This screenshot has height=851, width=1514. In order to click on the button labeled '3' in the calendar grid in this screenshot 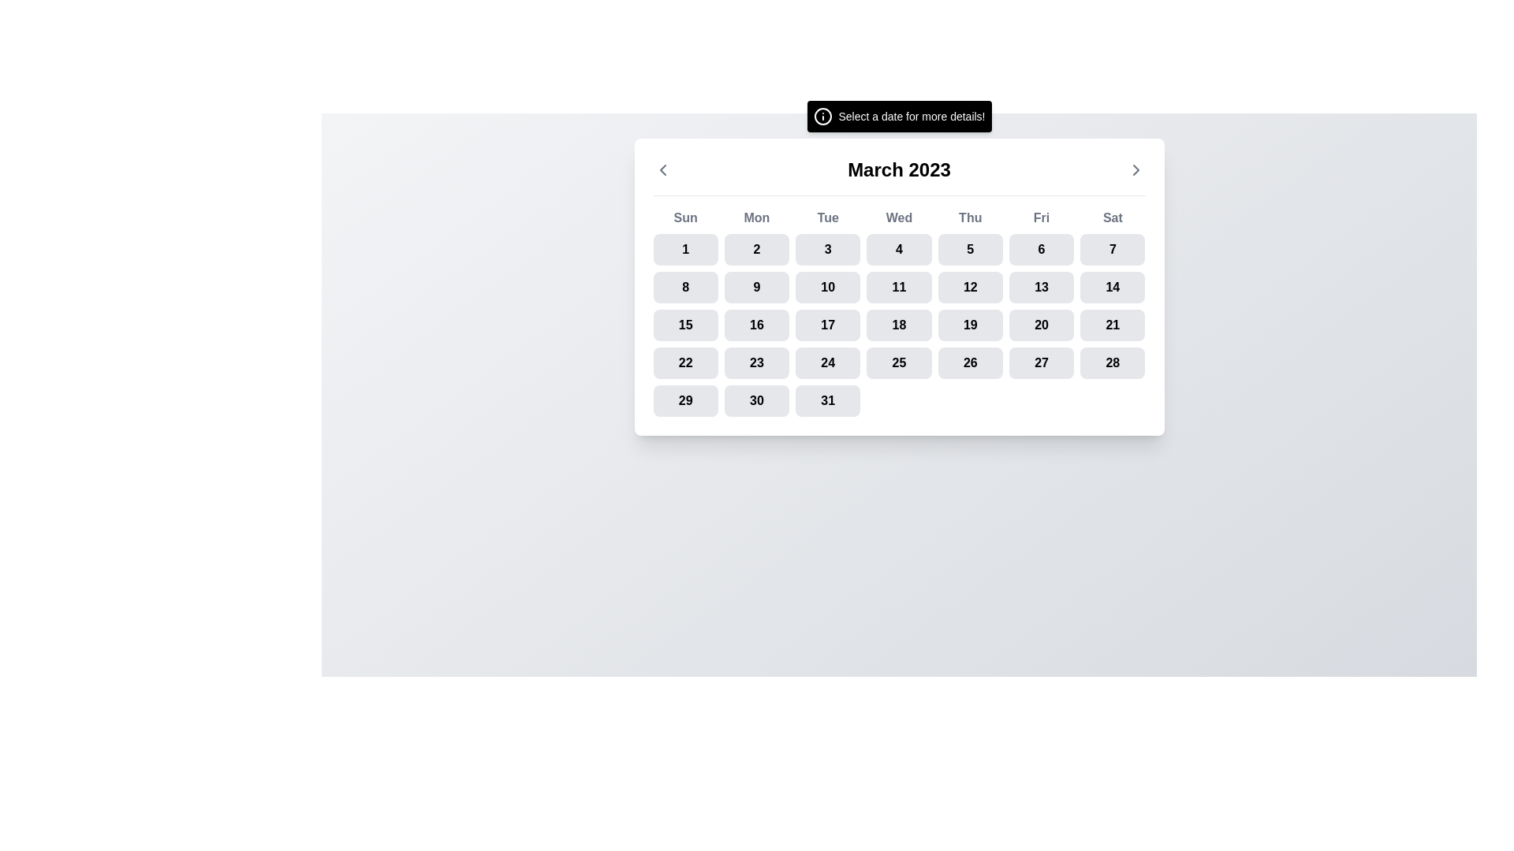, I will do `click(827, 248)`.